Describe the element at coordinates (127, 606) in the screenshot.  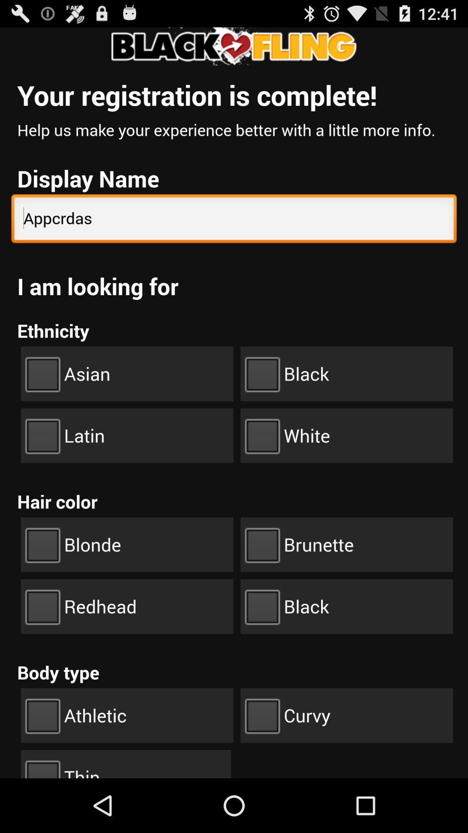
I see `third option under hair color` at that location.